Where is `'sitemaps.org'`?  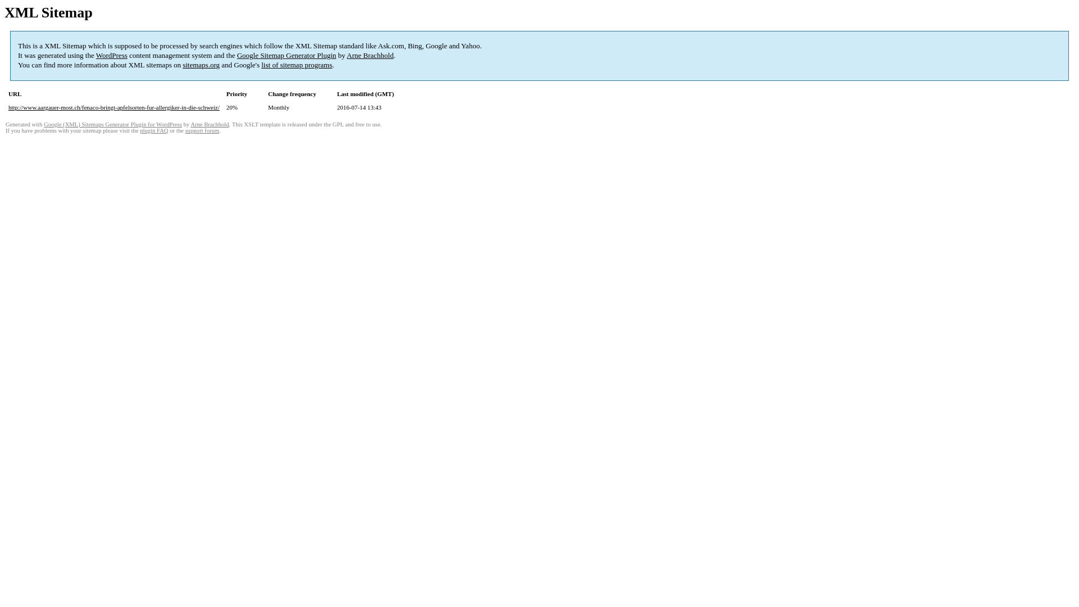 'sitemaps.org' is located at coordinates (201, 65).